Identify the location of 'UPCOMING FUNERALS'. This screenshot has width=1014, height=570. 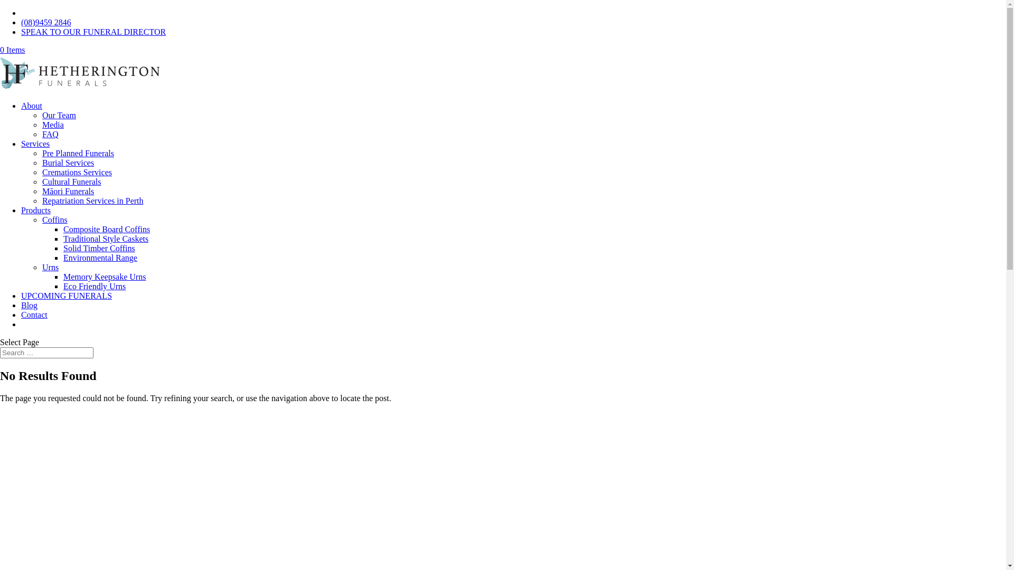
(21, 296).